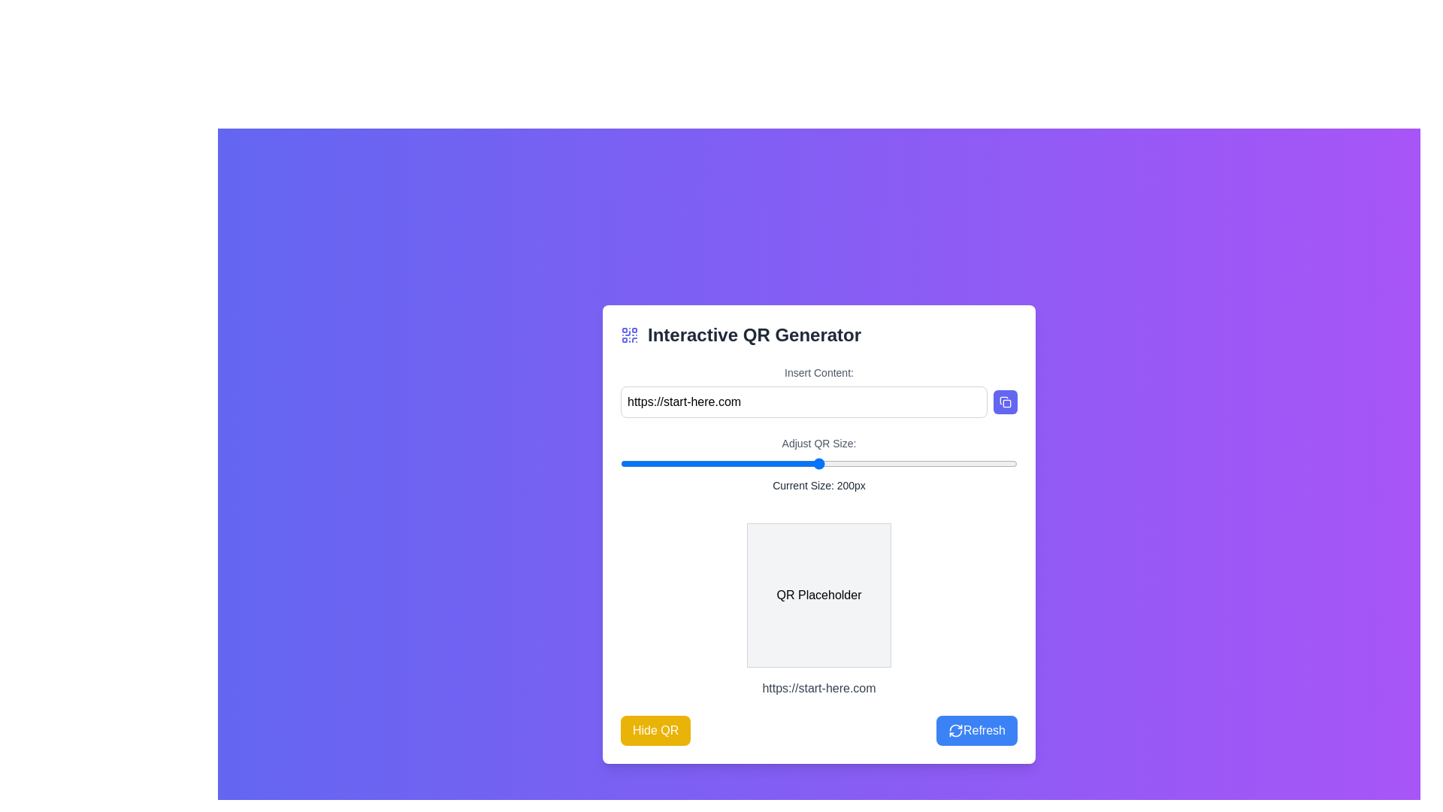 The height and width of the screenshot is (812, 1443). I want to click on the rectangular button with a deep indigo background and a white copy icon located to the right of the input field displaying 'https://start-here.com', so click(1006, 401).